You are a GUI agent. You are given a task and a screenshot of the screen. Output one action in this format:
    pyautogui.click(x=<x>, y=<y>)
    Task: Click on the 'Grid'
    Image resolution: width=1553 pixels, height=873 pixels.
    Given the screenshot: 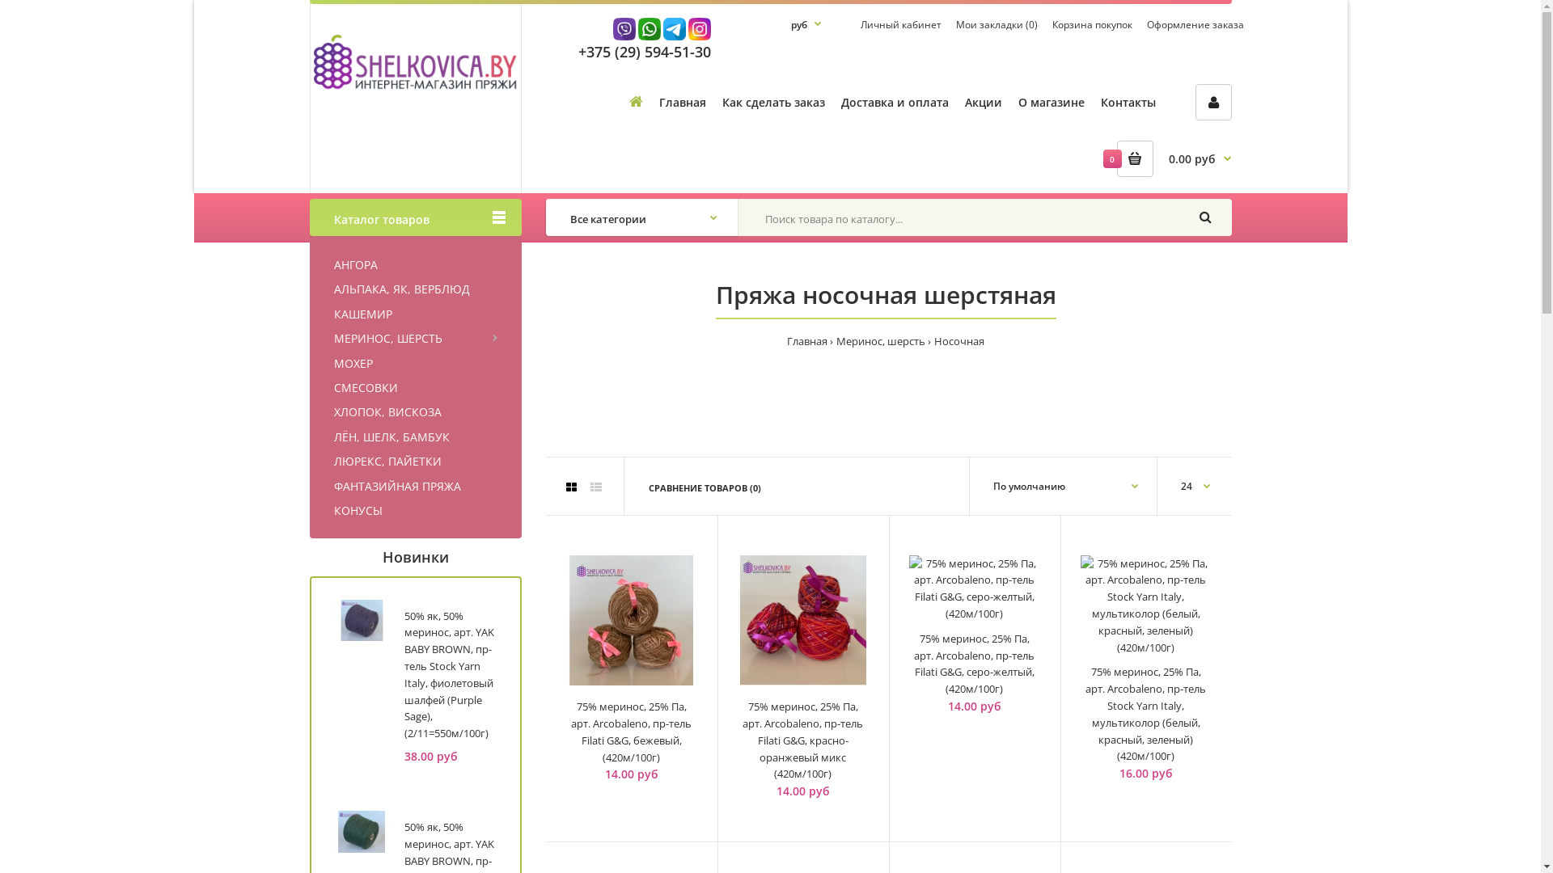 What is the action you would take?
    pyautogui.click(x=571, y=486)
    